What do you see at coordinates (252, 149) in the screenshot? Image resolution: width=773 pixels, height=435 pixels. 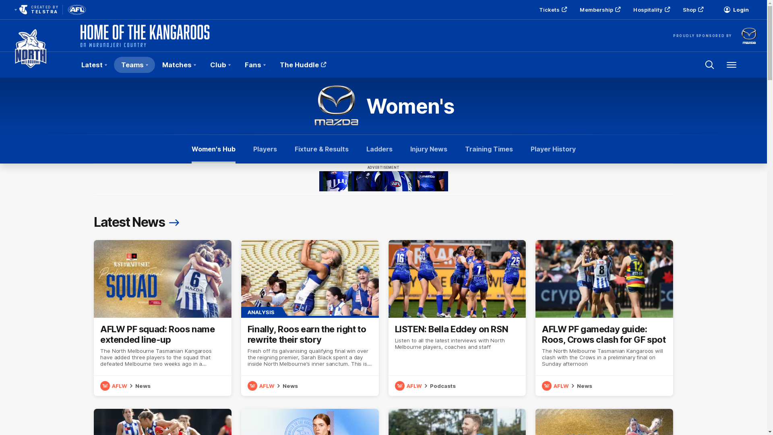 I see `'Players'` at bounding box center [252, 149].